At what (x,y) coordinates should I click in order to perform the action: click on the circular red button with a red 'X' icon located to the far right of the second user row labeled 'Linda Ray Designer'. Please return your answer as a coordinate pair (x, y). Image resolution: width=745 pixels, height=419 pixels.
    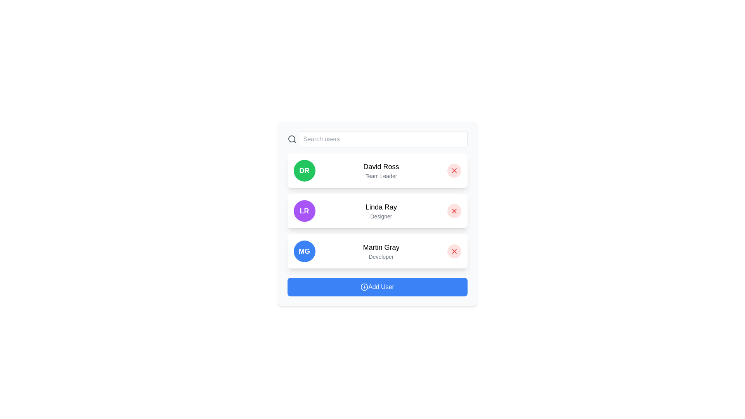
    Looking at the image, I should click on (454, 211).